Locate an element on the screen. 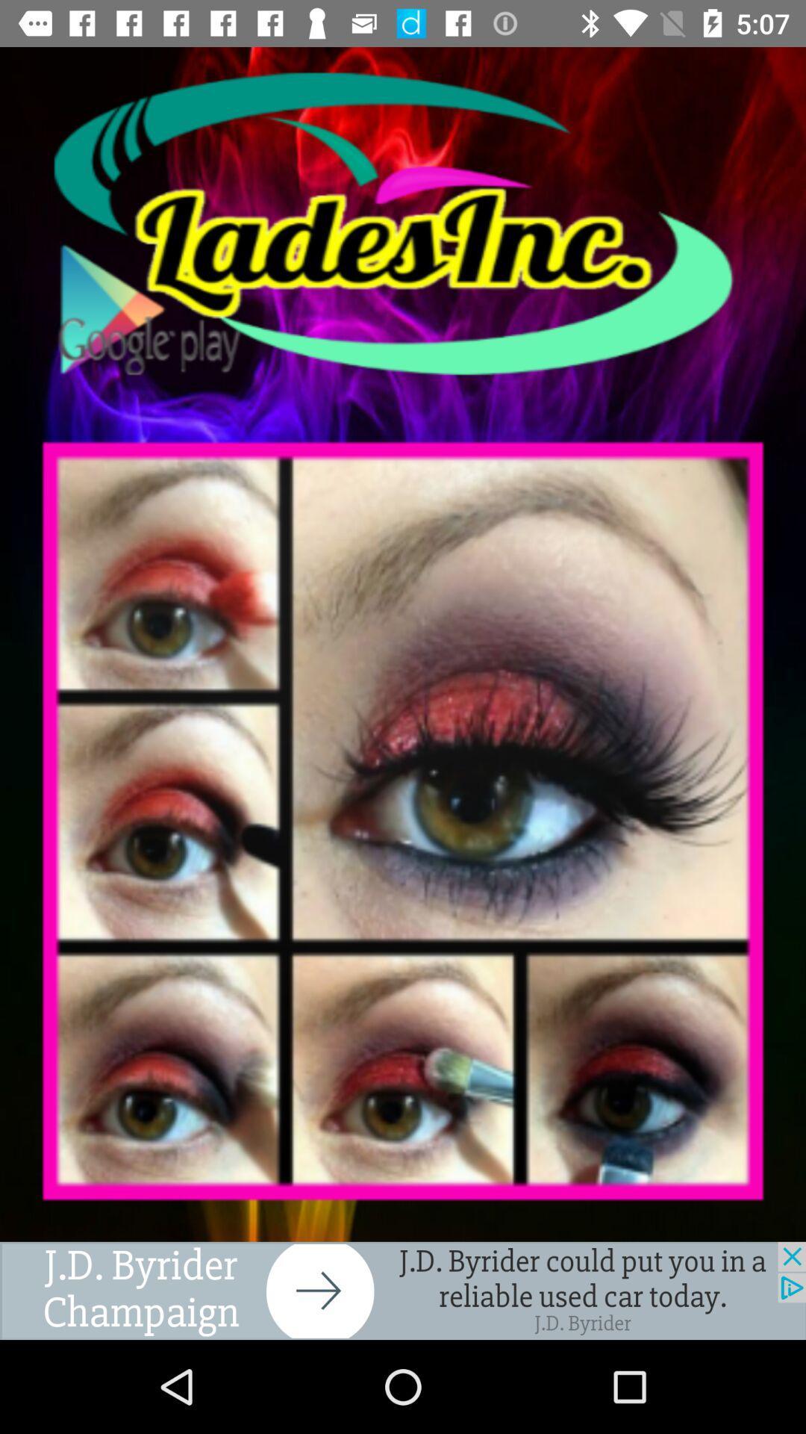 This screenshot has height=1434, width=806. home is located at coordinates (403, 223).